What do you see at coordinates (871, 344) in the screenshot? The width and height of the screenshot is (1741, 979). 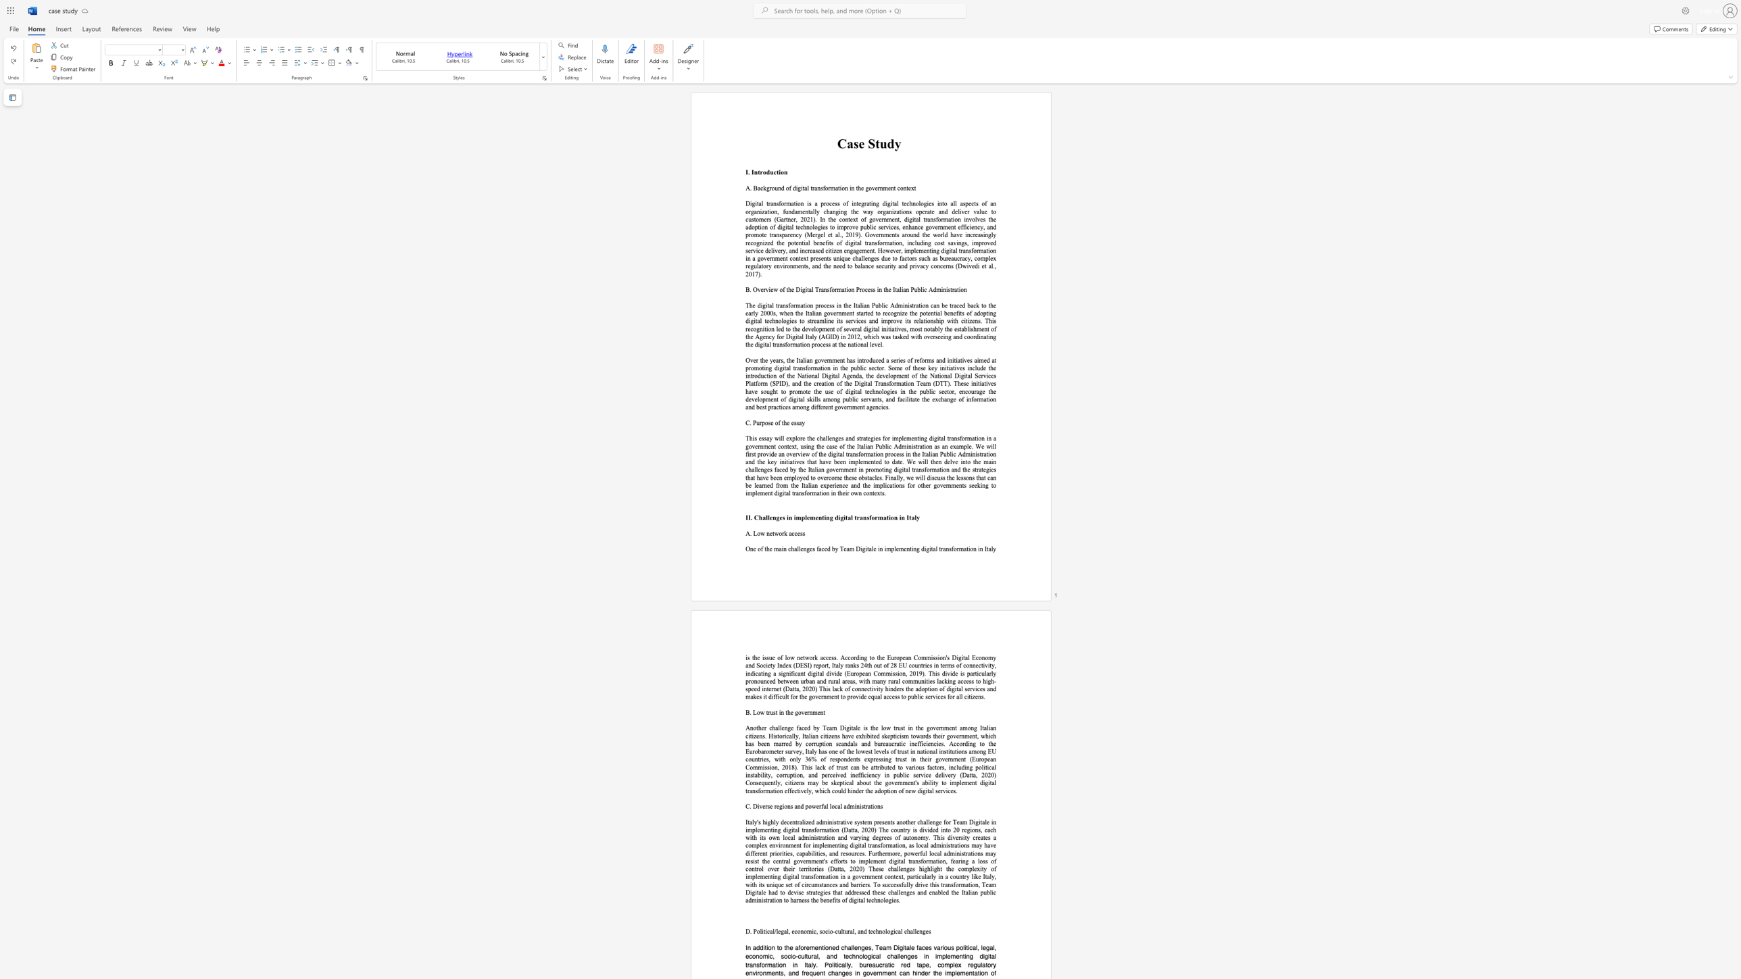 I see `the subset text "eve" within the text "on process at the national level."` at bounding box center [871, 344].